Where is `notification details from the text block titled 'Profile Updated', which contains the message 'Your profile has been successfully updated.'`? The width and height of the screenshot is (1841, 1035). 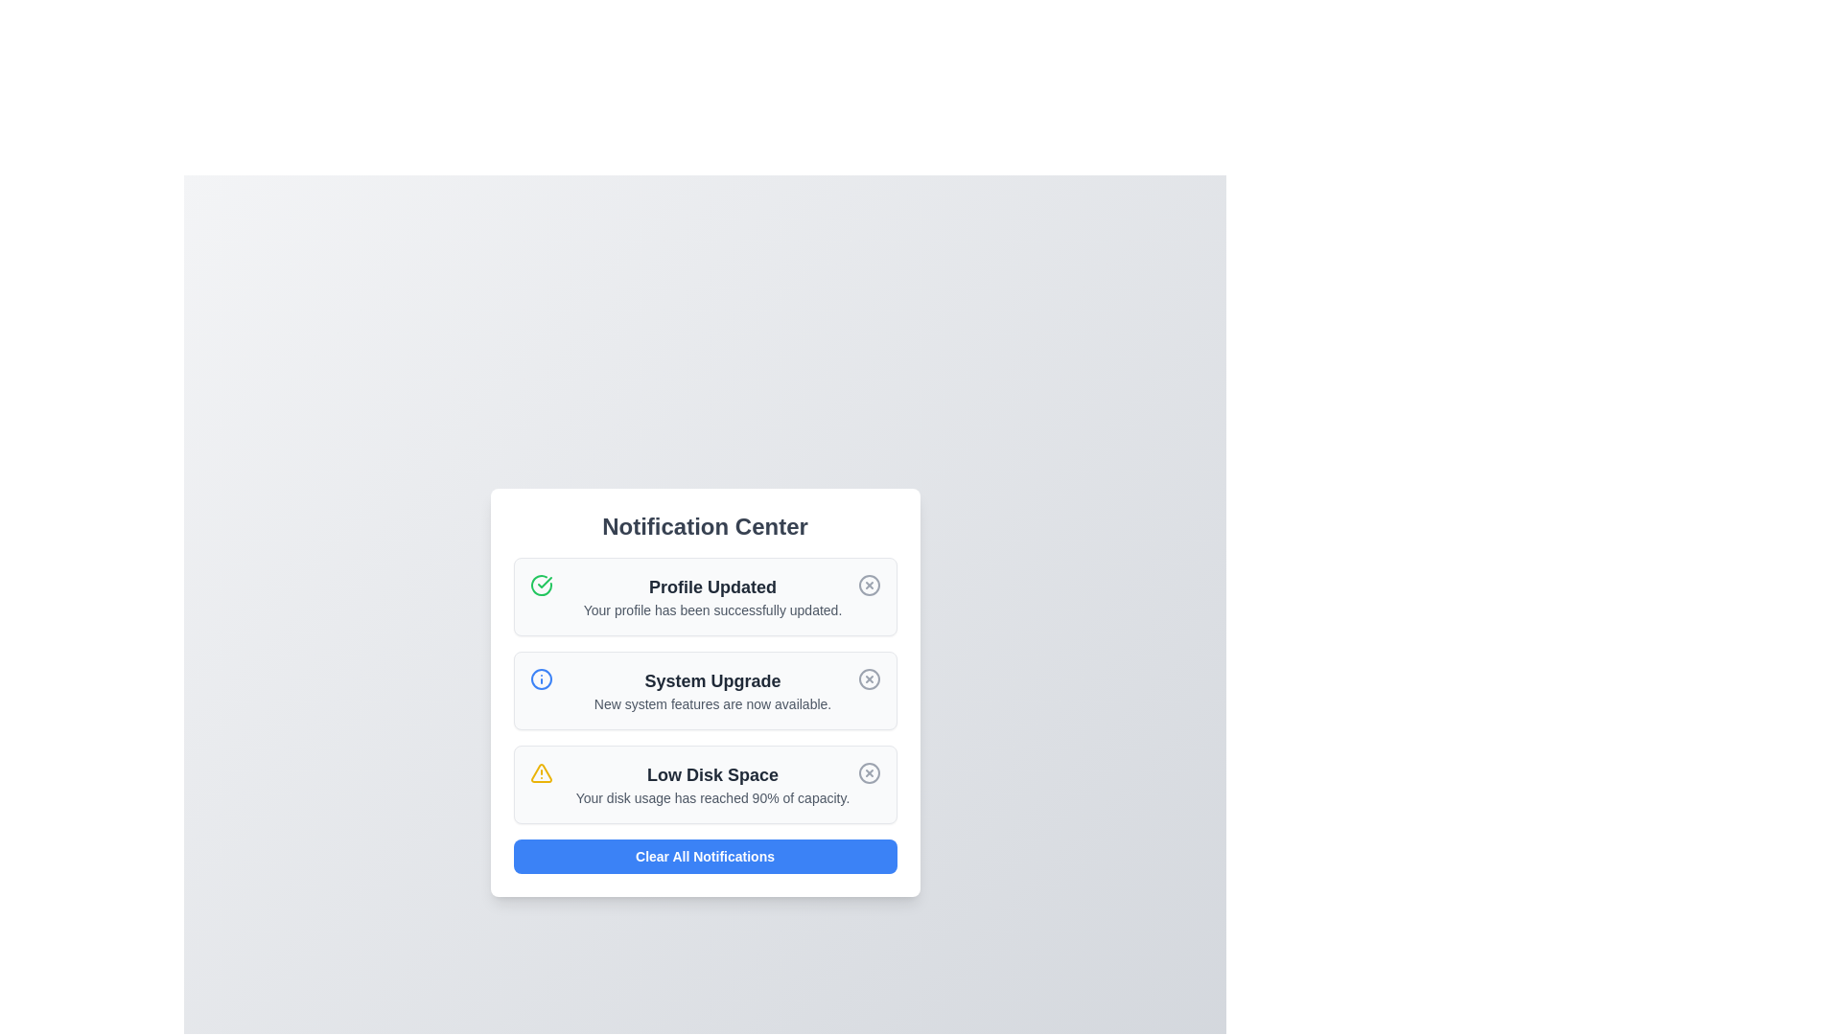
notification details from the text block titled 'Profile Updated', which contains the message 'Your profile has been successfully updated.' is located at coordinates (711, 596).